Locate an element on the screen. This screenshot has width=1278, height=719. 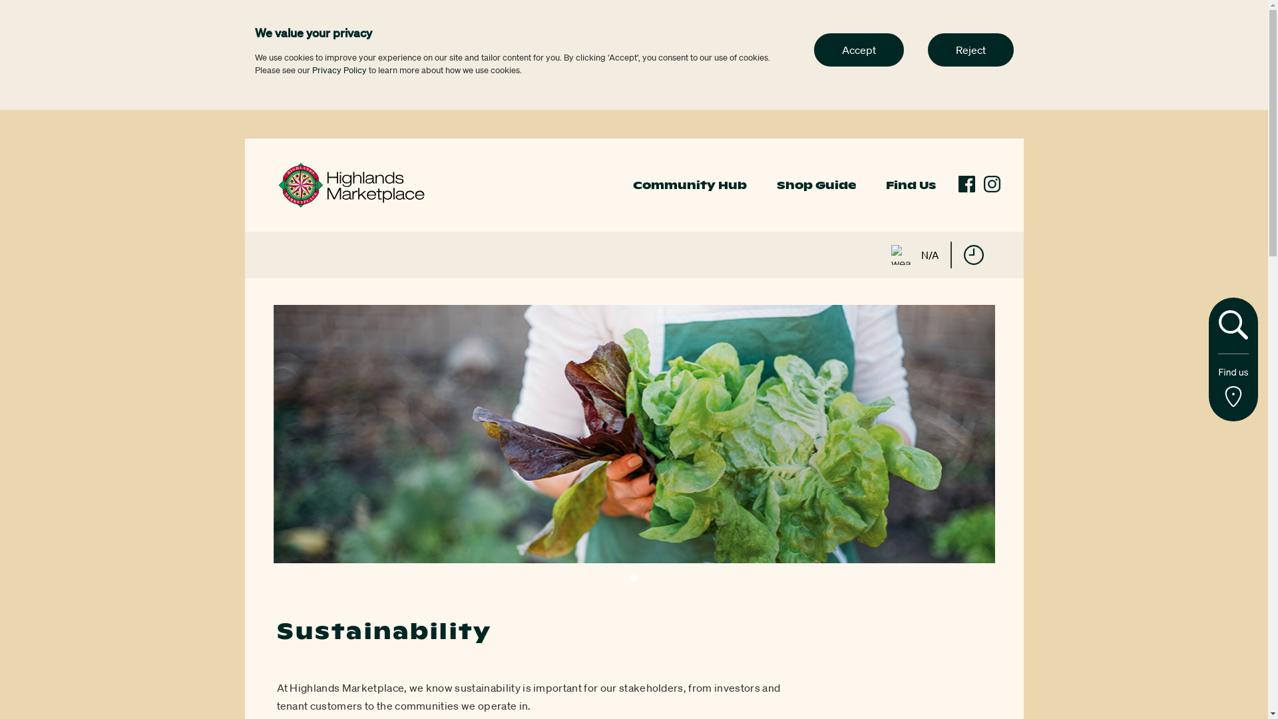
'Privacy Policy' is located at coordinates (310, 70).